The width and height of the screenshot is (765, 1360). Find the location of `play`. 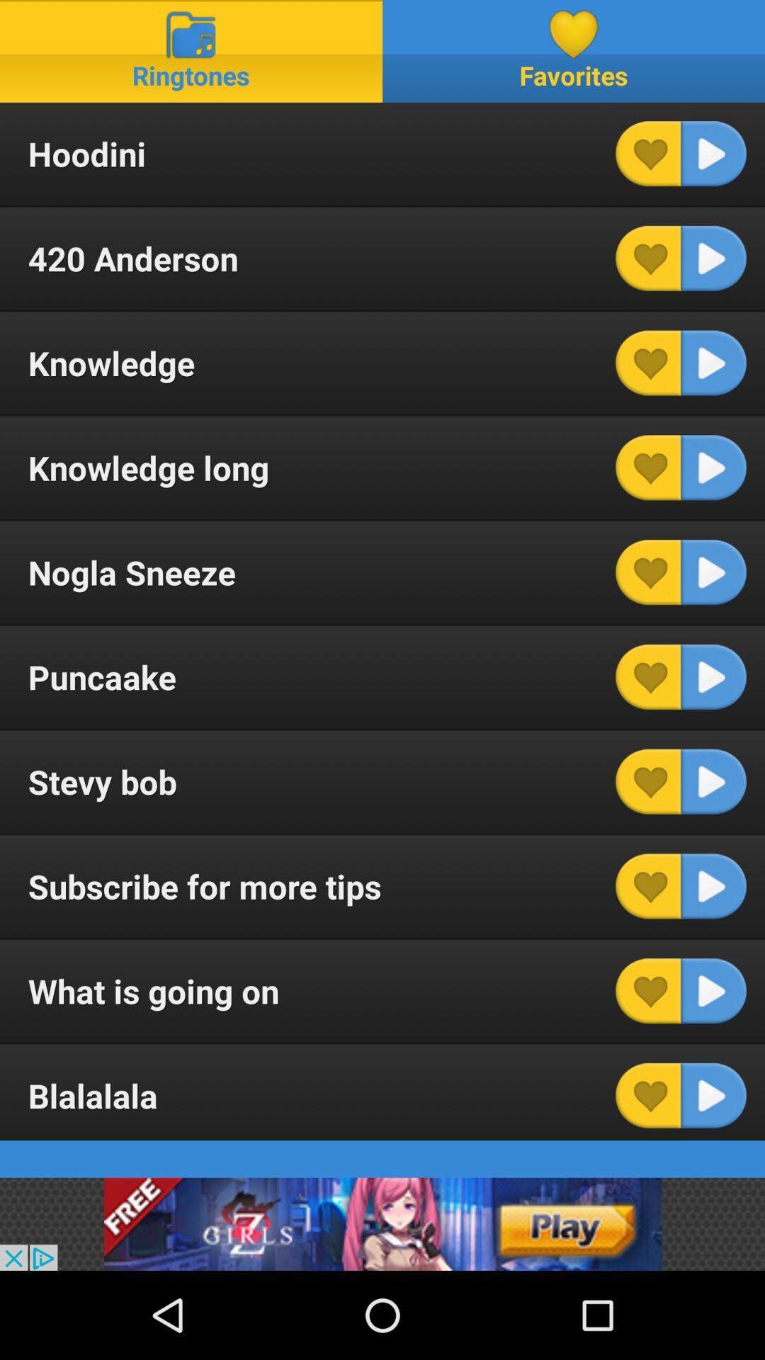

play is located at coordinates (713, 676).